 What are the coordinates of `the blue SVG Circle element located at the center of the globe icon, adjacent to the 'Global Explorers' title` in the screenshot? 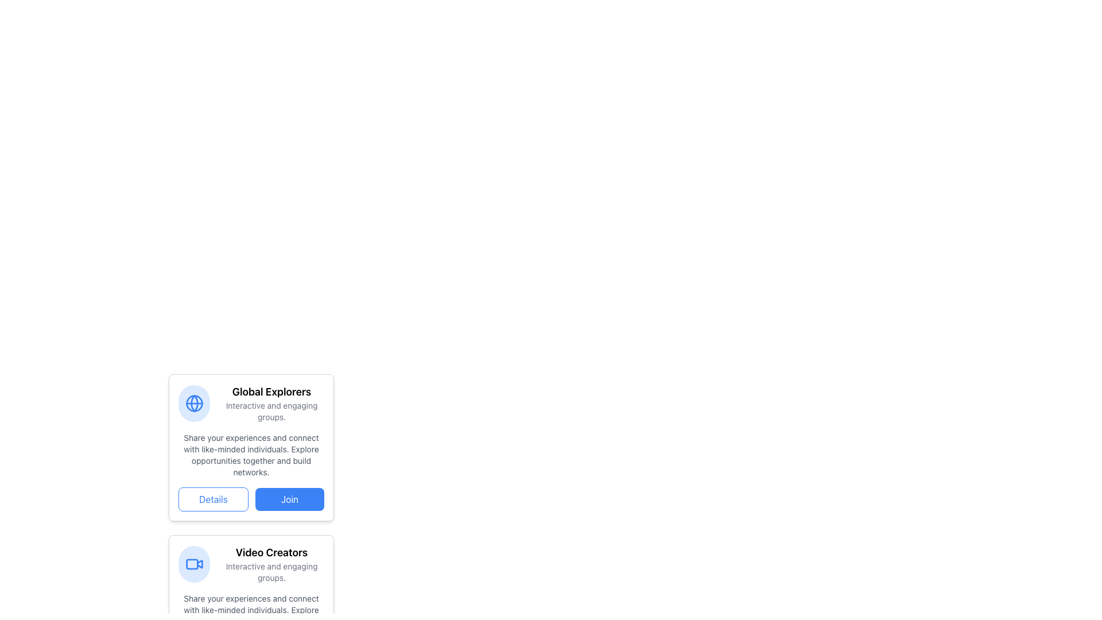 It's located at (194, 402).